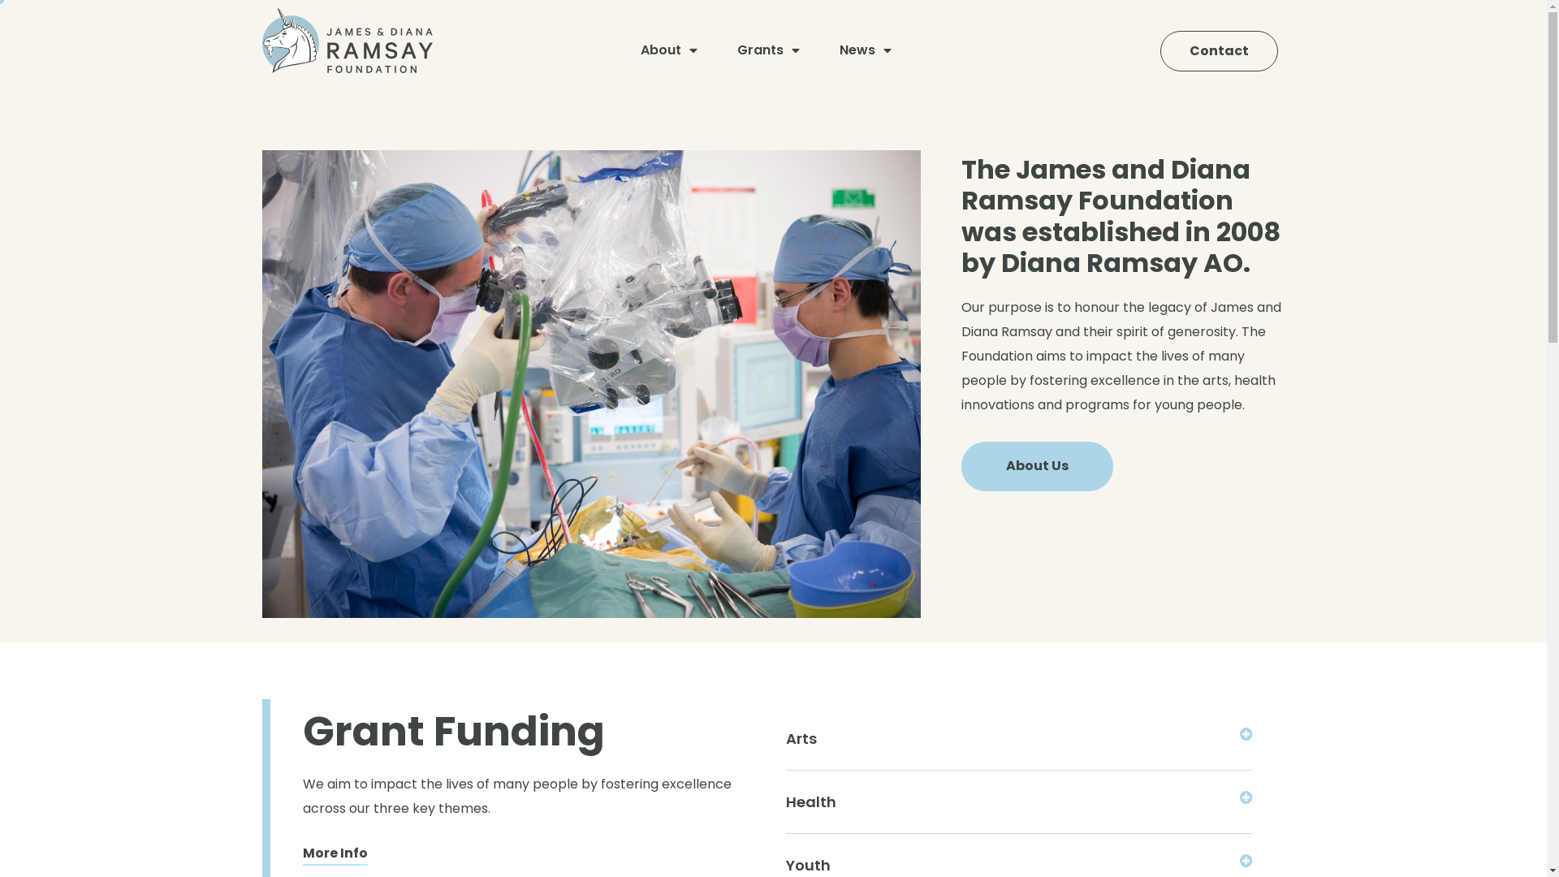 Image resolution: width=1559 pixels, height=877 pixels. What do you see at coordinates (767, 49) in the screenshot?
I see `'Grants'` at bounding box center [767, 49].